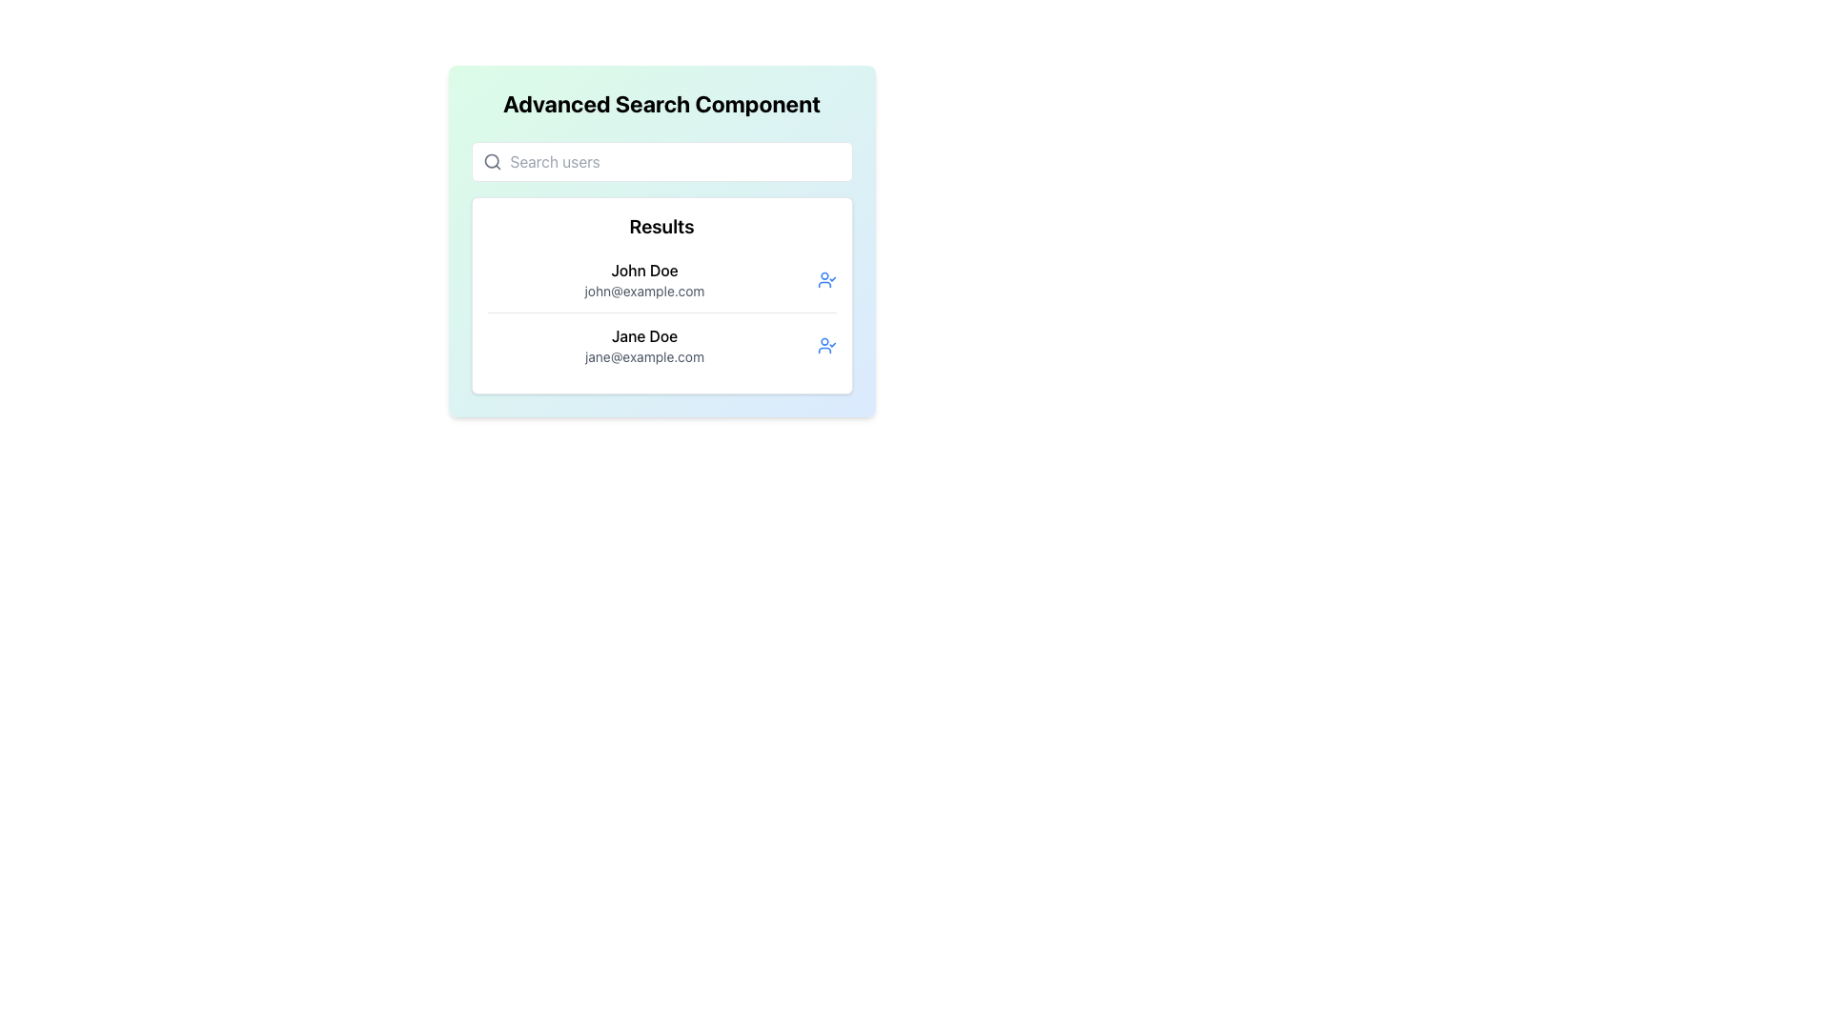 This screenshot has width=1830, height=1029. What do you see at coordinates (644, 356) in the screenshot?
I see `the text label displaying 'jane@example.com', which is located beneath the bold 'Jane Doe' label in the second result block` at bounding box center [644, 356].